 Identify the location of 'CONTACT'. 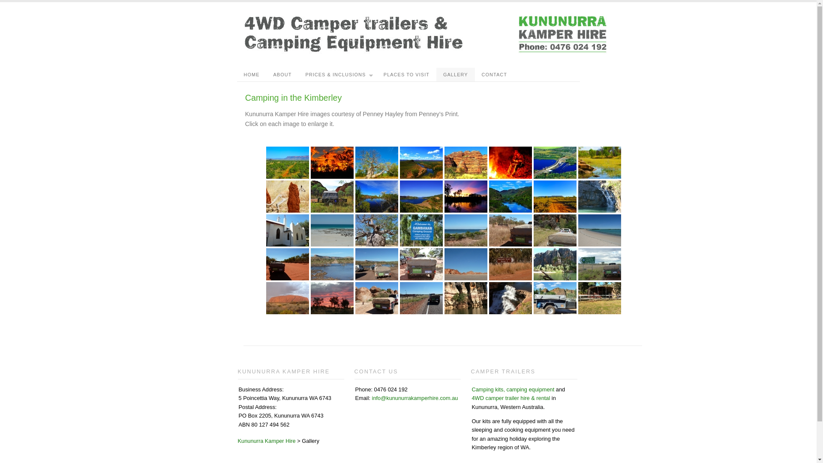
(494, 74).